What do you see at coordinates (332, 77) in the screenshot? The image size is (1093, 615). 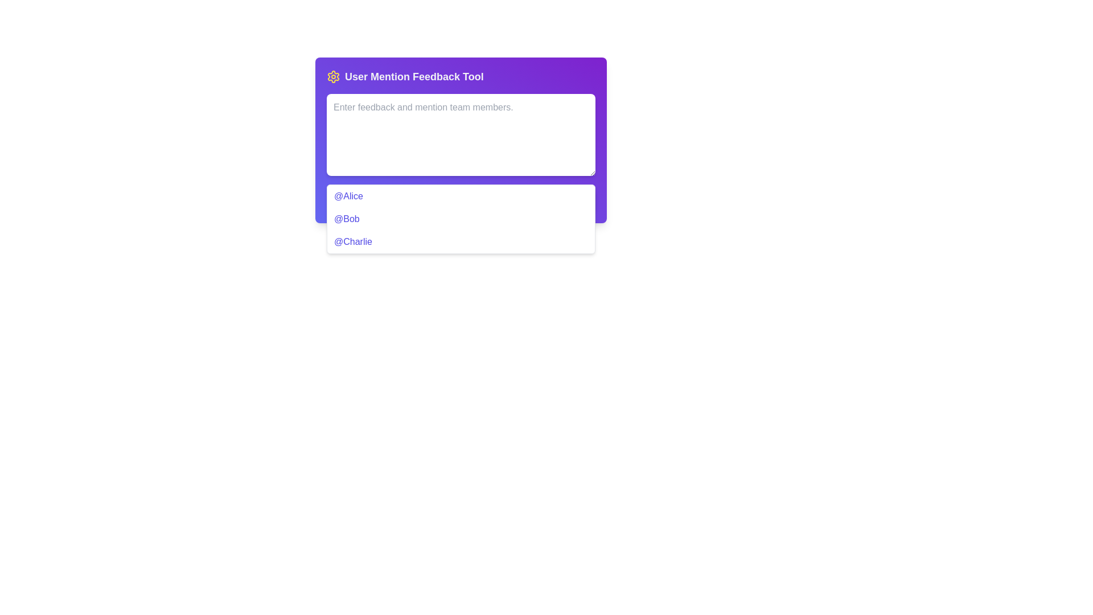 I see `the settings gear SVG icon located in the top-left corner of the interface within the purple header bar next to the title 'User Mention Feedback Tool'` at bounding box center [332, 77].